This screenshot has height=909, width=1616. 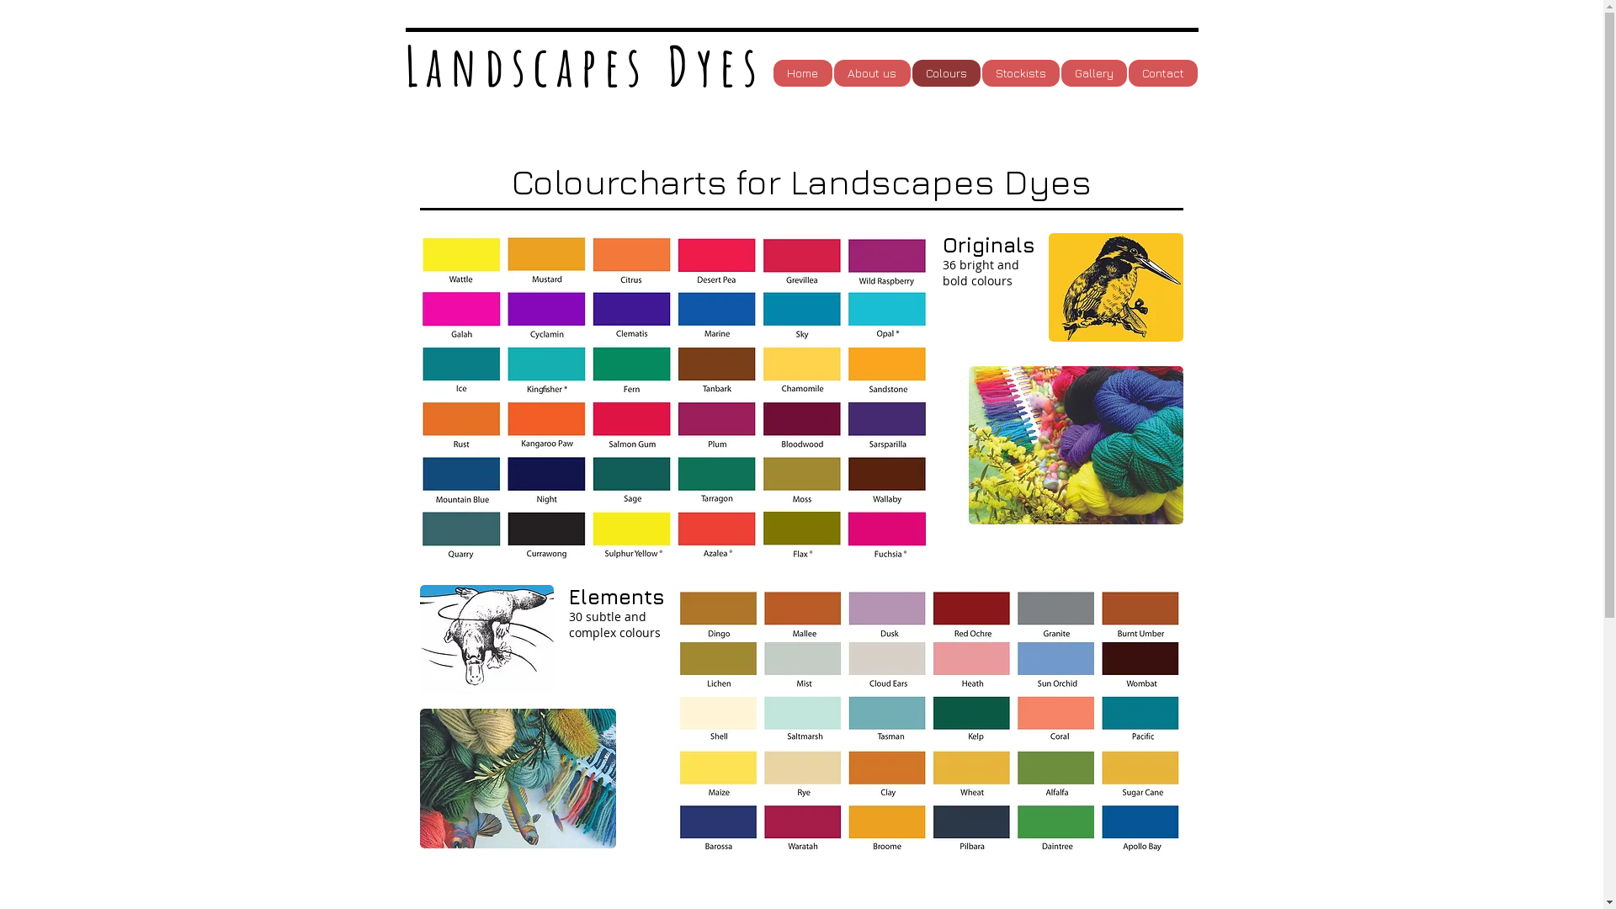 I want to click on 'Contact', so click(x=1161, y=72).